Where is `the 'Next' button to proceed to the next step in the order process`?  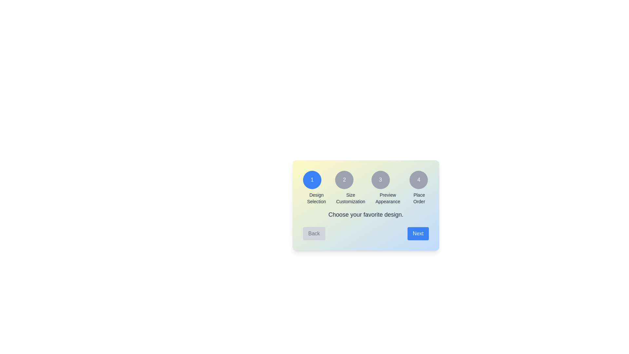 the 'Next' button to proceed to the next step in the order process is located at coordinates (418, 233).